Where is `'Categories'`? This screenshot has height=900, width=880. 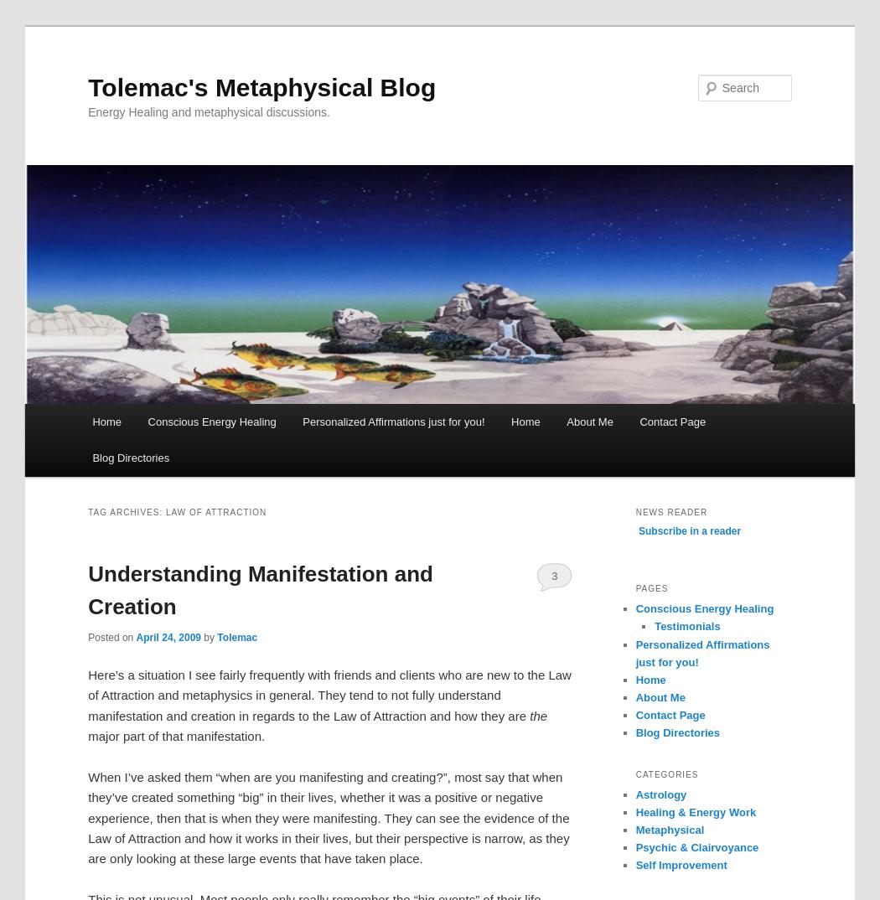
'Categories' is located at coordinates (665, 773).